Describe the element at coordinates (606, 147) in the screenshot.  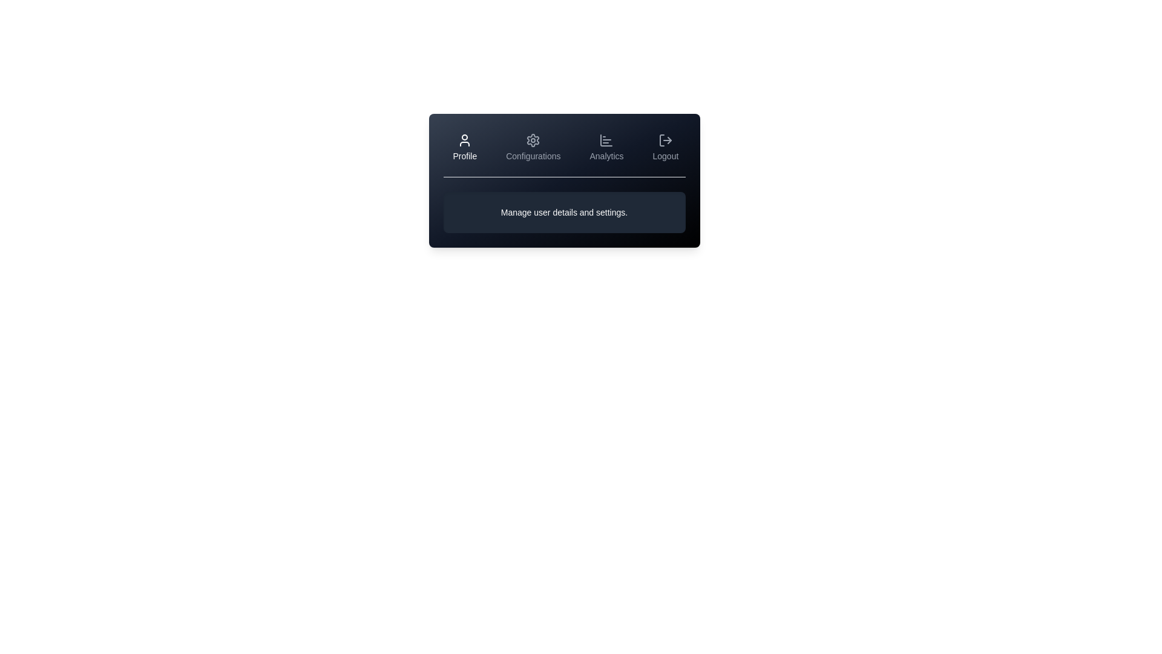
I see `the tab labeled Analytics` at that location.